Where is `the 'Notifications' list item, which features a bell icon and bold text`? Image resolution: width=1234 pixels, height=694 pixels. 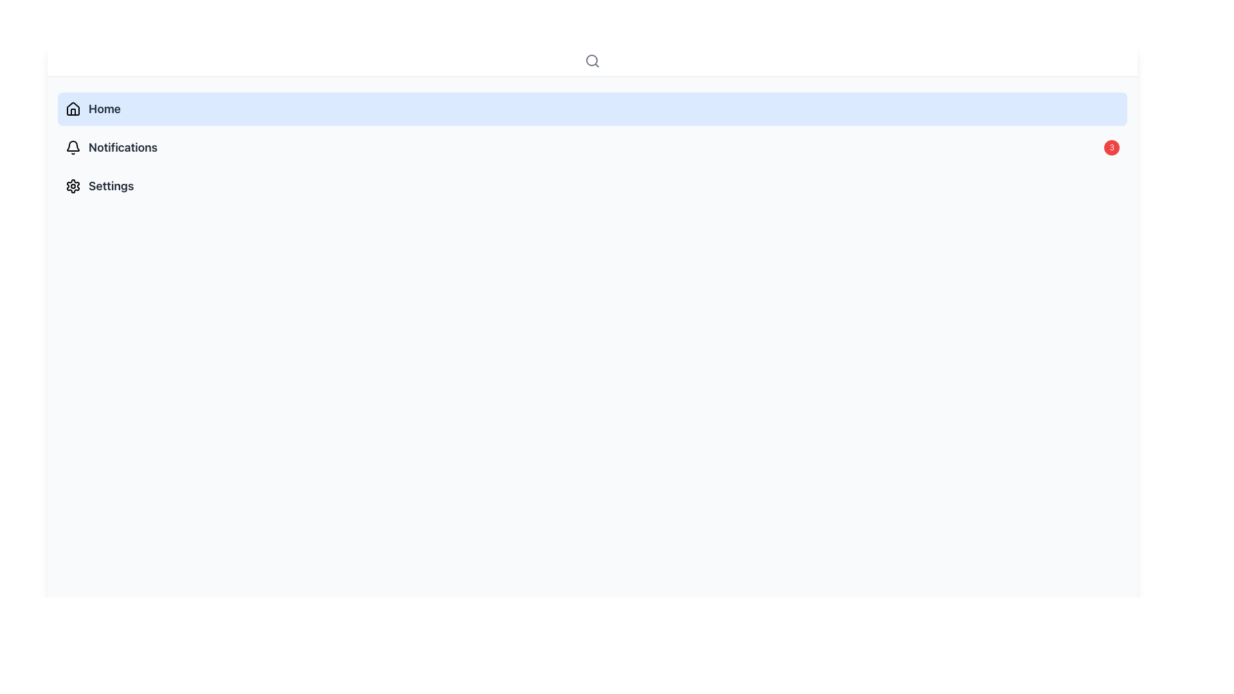
the 'Notifications' list item, which features a bell icon and bold text is located at coordinates (111, 147).